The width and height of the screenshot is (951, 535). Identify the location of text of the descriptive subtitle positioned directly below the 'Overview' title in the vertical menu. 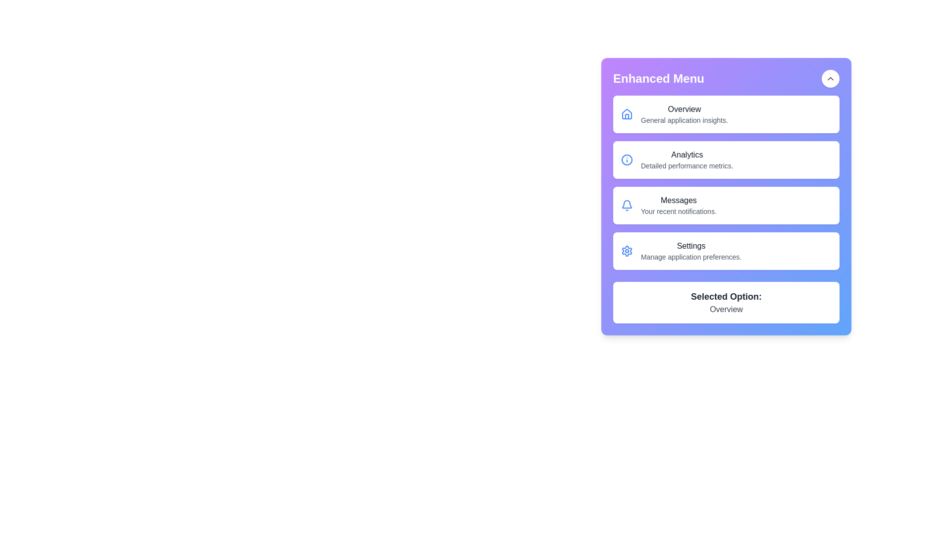
(684, 120).